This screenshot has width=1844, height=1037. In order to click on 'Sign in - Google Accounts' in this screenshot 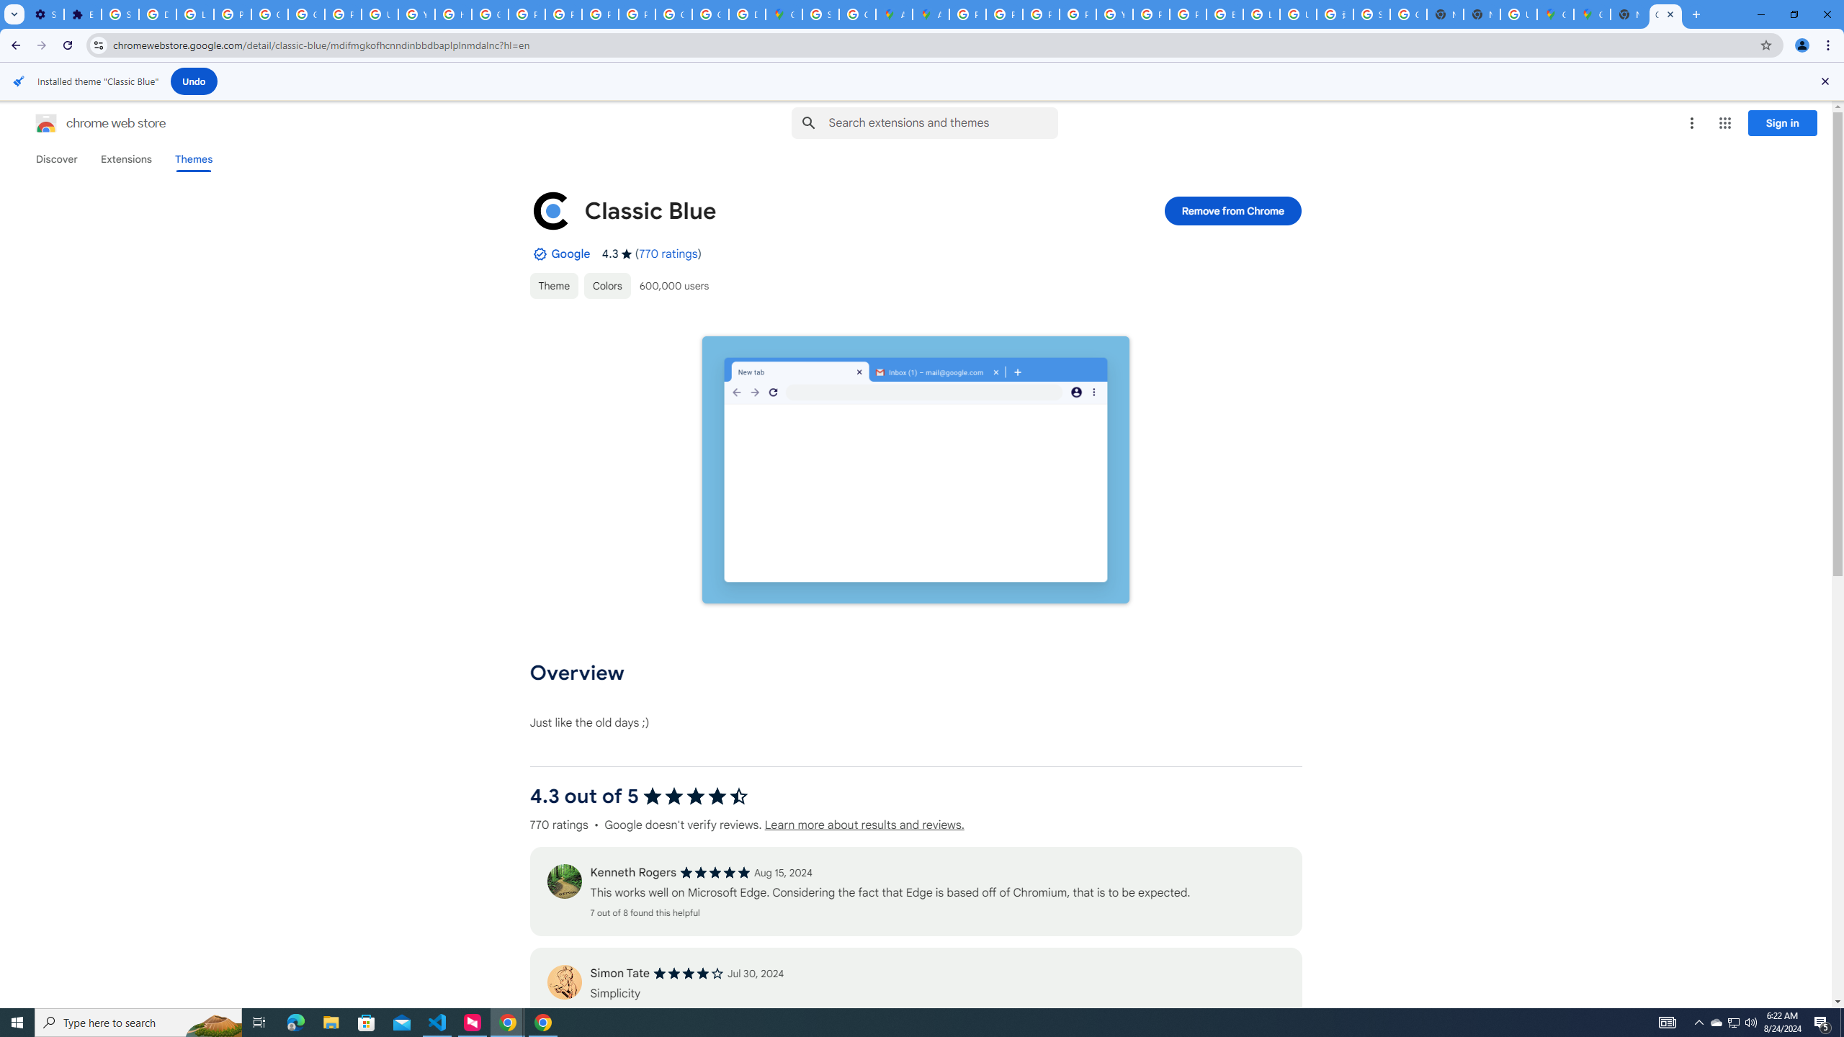, I will do `click(120, 14)`.